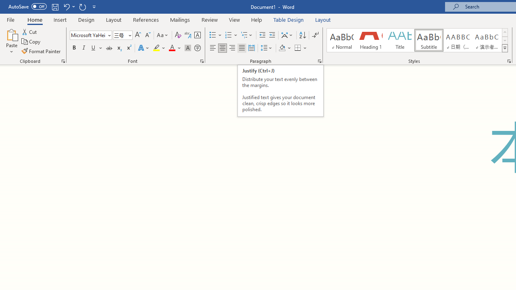 Image resolution: width=516 pixels, height=290 pixels. I want to click on 'Cut', so click(30, 31).